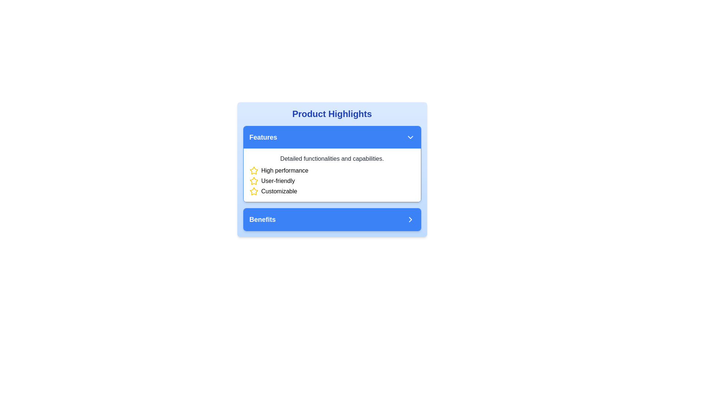  Describe the element at coordinates (332, 158) in the screenshot. I see `the text label displaying 'Detailed functionalities and capabilities.' located under the 'Features' section` at that location.